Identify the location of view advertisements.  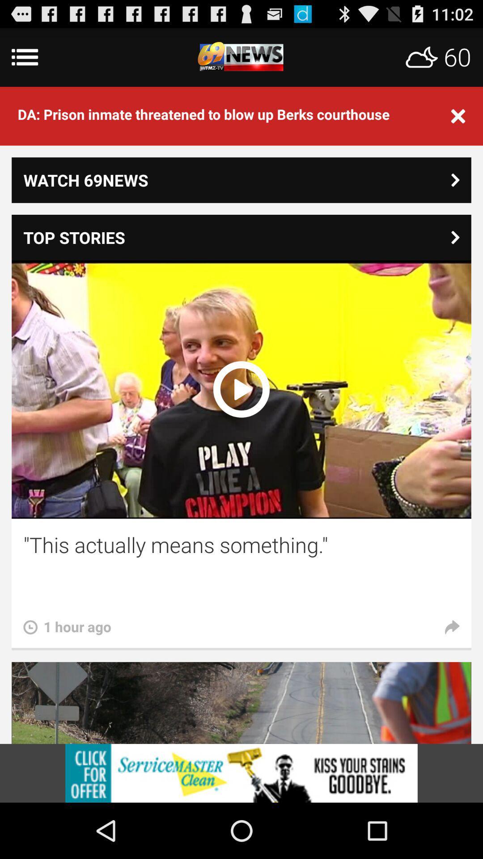
(241, 773).